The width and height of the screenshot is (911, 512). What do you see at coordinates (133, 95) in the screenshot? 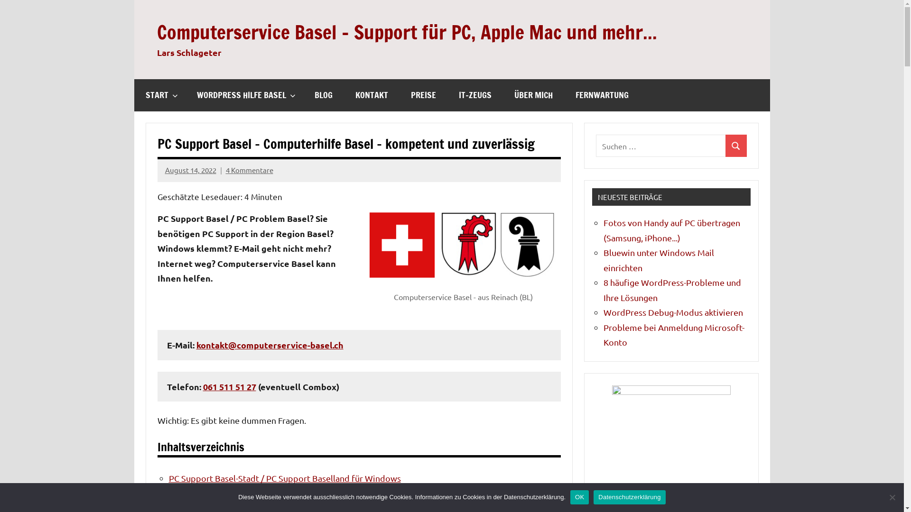
I see `'START'` at bounding box center [133, 95].